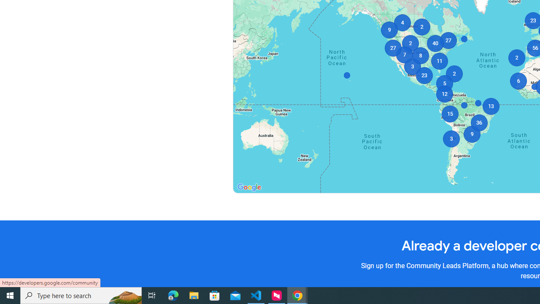 This screenshot has width=540, height=304. Describe the element at coordinates (404, 54) in the screenshot. I see `'7'` at that location.